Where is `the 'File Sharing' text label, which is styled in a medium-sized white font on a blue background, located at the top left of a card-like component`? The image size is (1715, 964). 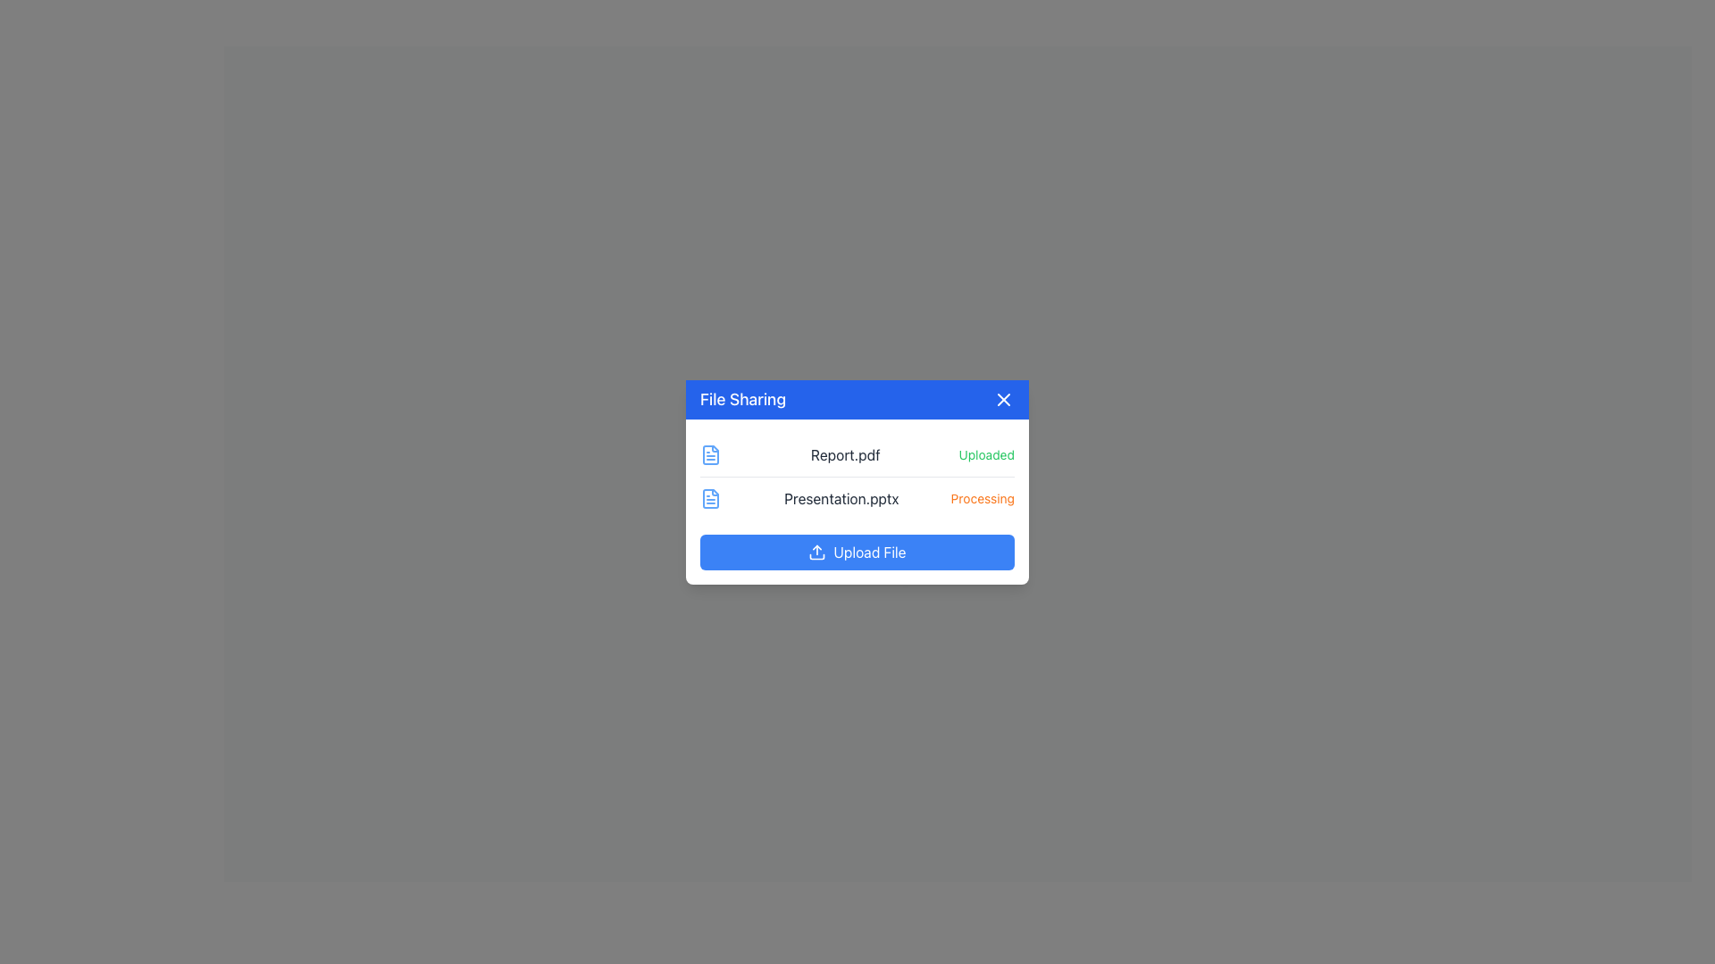 the 'File Sharing' text label, which is styled in a medium-sized white font on a blue background, located at the top left of a card-like component is located at coordinates (742, 398).